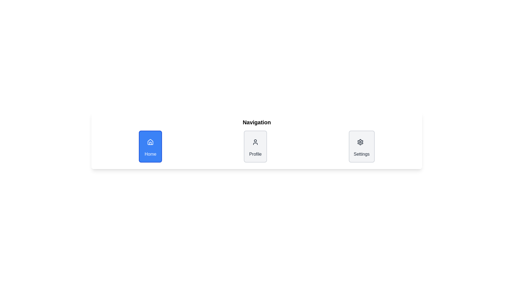  What do you see at coordinates (255, 154) in the screenshot?
I see `the 'Profile' text label located below the user icon in the navigation panel` at bounding box center [255, 154].